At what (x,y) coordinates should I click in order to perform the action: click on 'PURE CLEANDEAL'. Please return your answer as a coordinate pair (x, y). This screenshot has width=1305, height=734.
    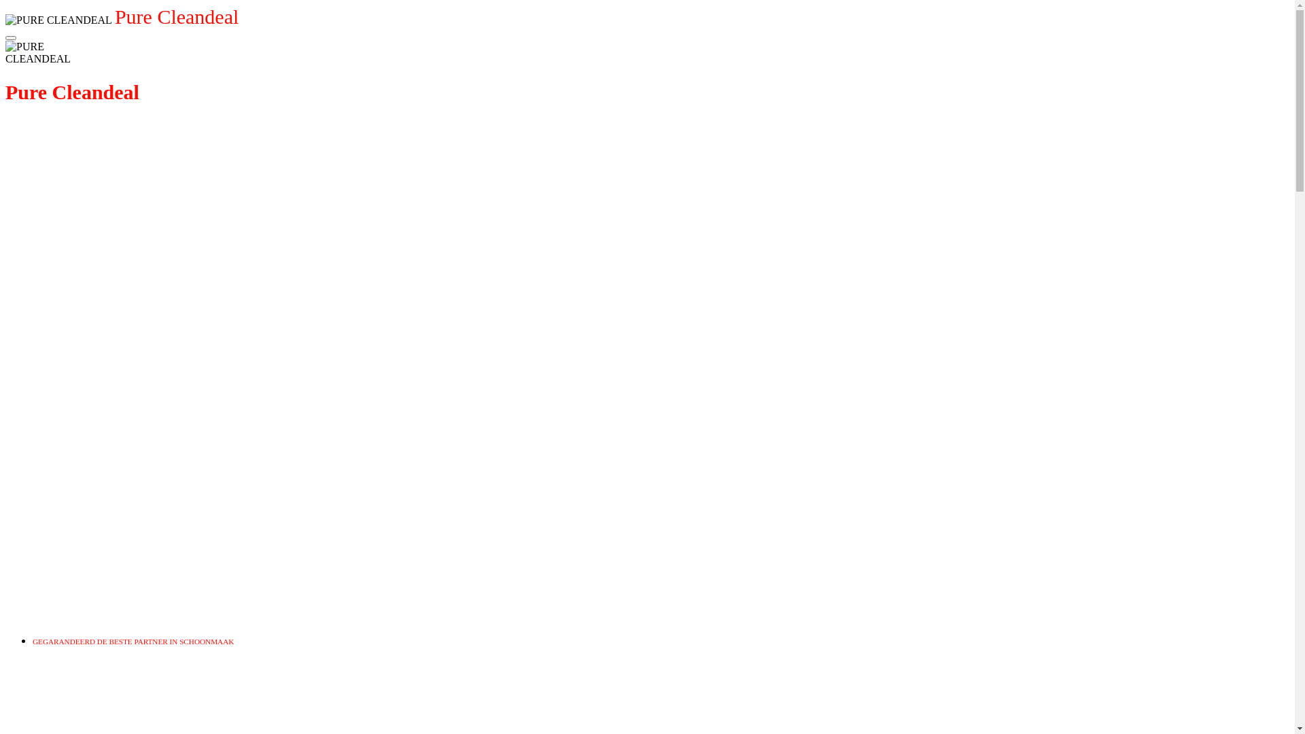
    Looking at the image, I should click on (5, 52).